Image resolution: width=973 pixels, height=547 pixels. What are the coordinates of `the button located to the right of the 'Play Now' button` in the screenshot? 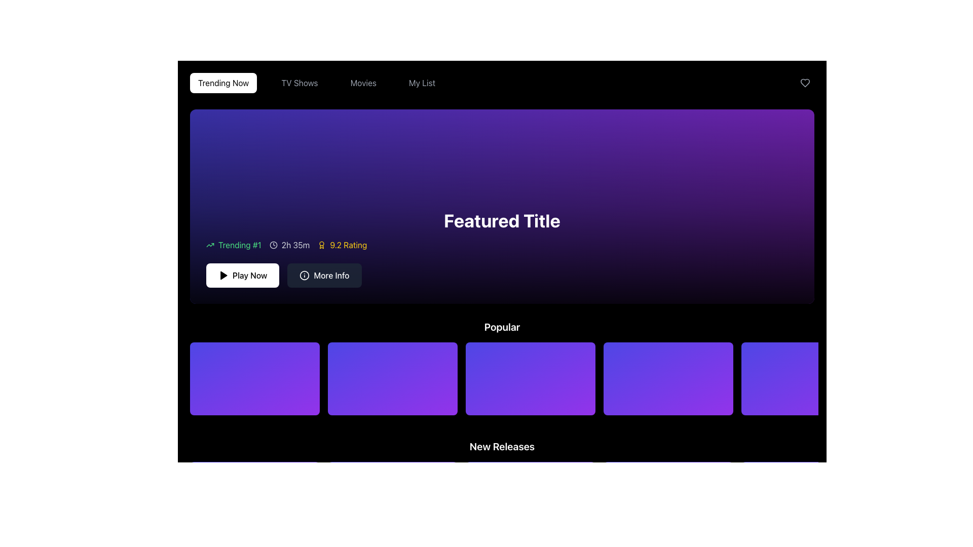 It's located at (324, 275).